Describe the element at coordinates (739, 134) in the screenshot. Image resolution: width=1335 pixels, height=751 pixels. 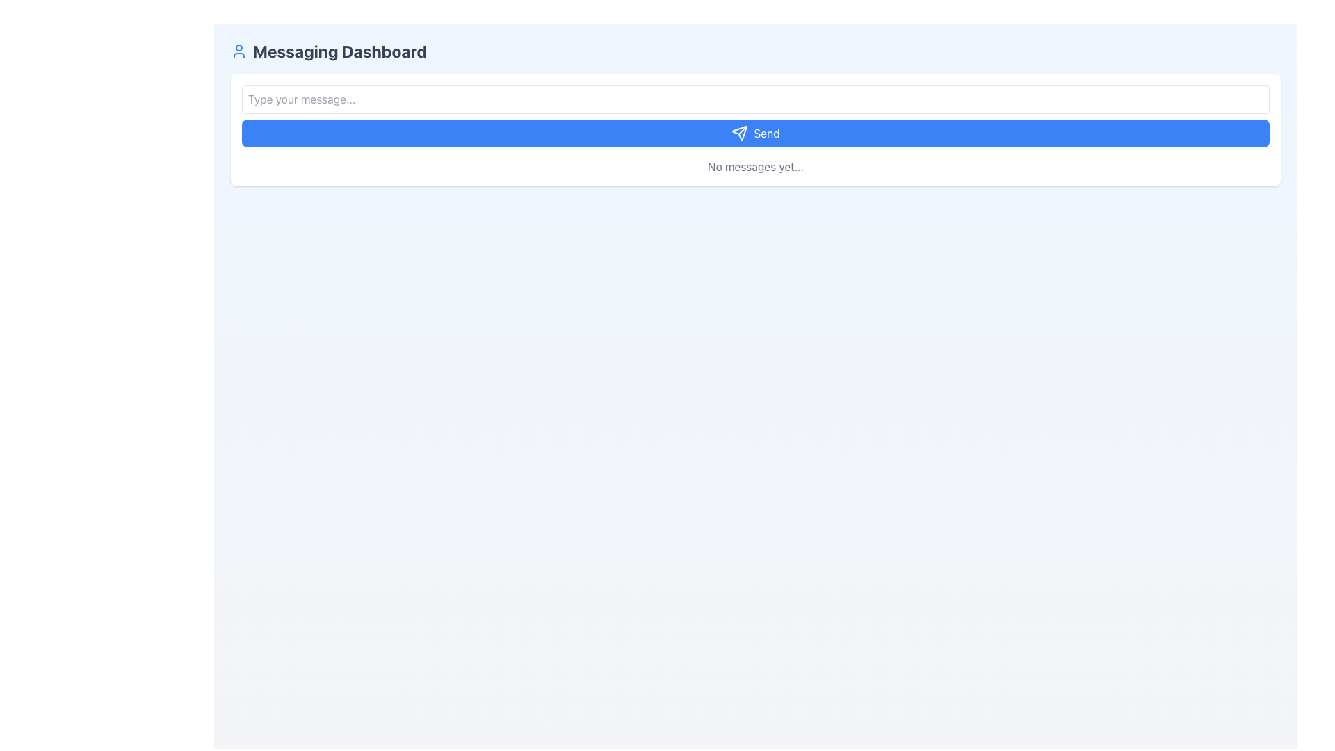
I see `the send icon, a stylized arrow or paper plane, located on the top-right corner of the blue message input button below the 'Type your message...' text input field` at that location.